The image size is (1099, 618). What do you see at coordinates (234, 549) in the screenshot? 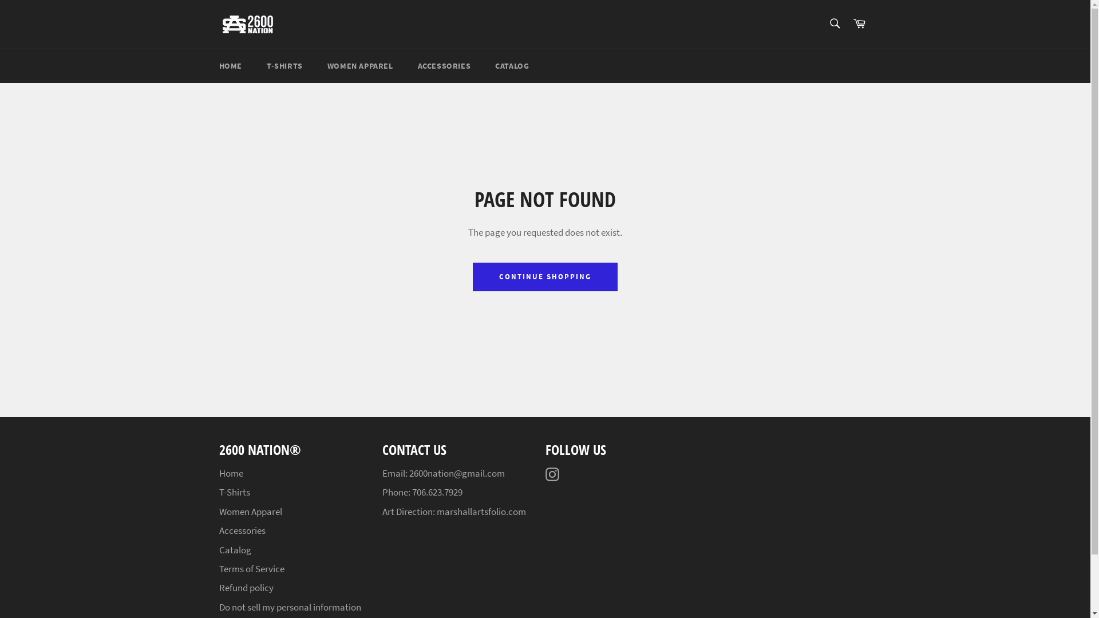
I see `'Catalog'` at bounding box center [234, 549].